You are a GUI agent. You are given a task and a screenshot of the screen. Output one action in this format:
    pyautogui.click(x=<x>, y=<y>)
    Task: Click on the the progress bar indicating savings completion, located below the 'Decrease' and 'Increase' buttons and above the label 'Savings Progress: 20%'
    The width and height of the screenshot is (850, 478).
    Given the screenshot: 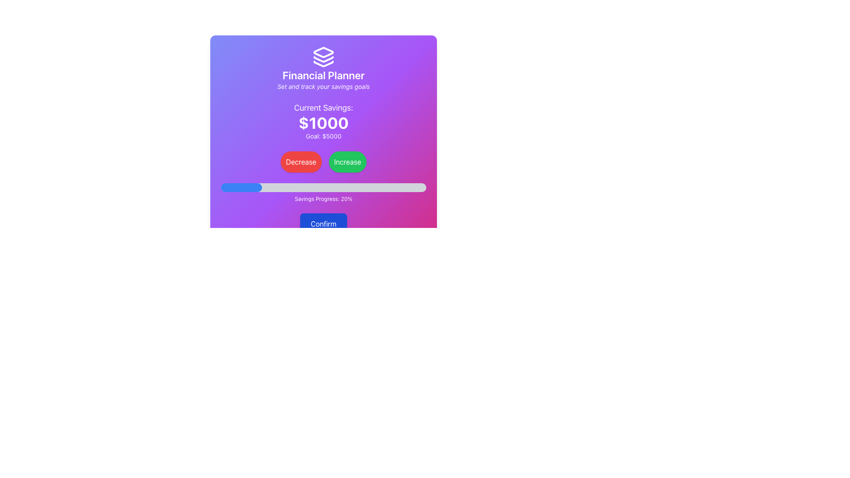 What is the action you would take?
    pyautogui.click(x=323, y=187)
    